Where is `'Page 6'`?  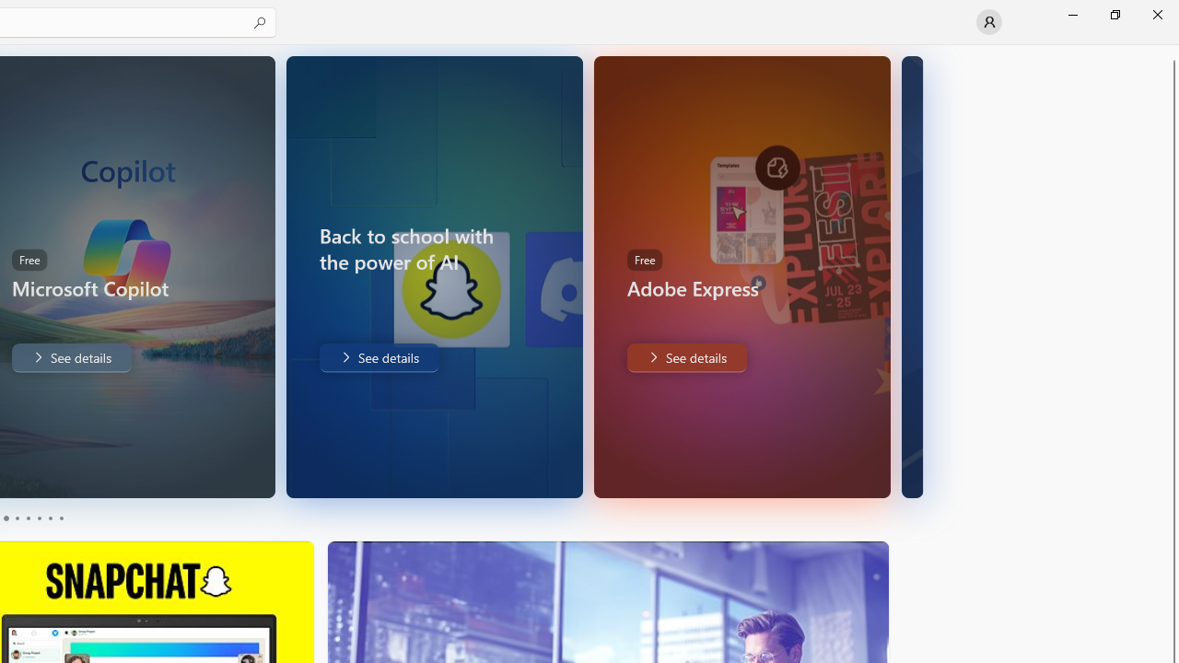
'Page 6' is located at coordinates (60, 518).